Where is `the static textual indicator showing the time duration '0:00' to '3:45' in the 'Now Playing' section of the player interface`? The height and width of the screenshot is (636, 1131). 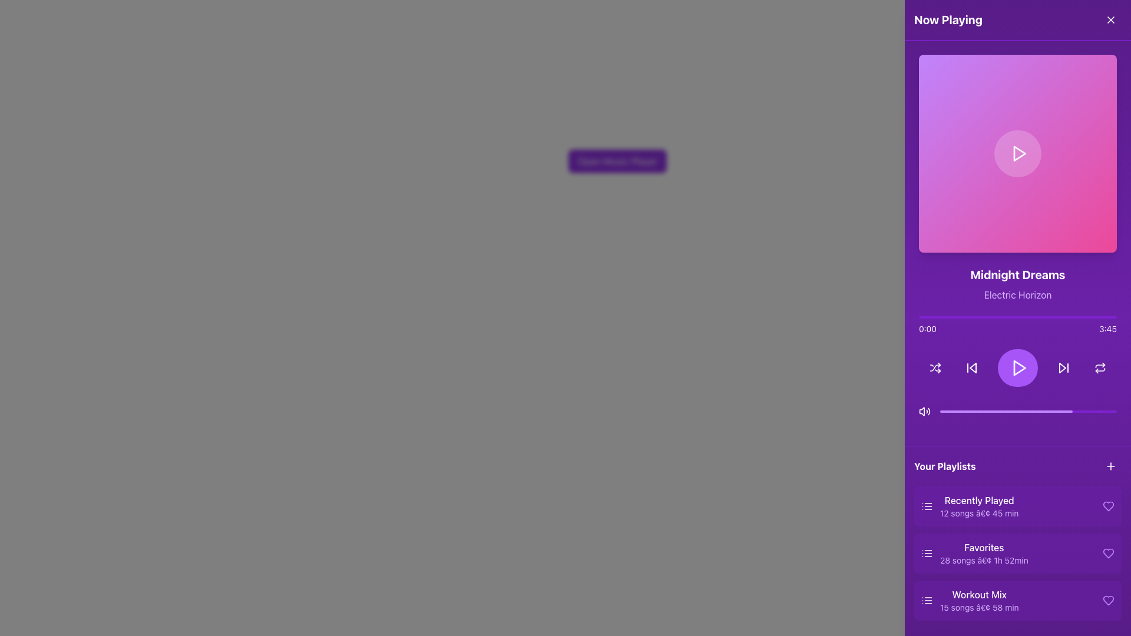
the static textual indicator showing the time duration '0:00' to '3:45' in the 'Now Playing' section of the player interface is located at coordinates (1017, 329).